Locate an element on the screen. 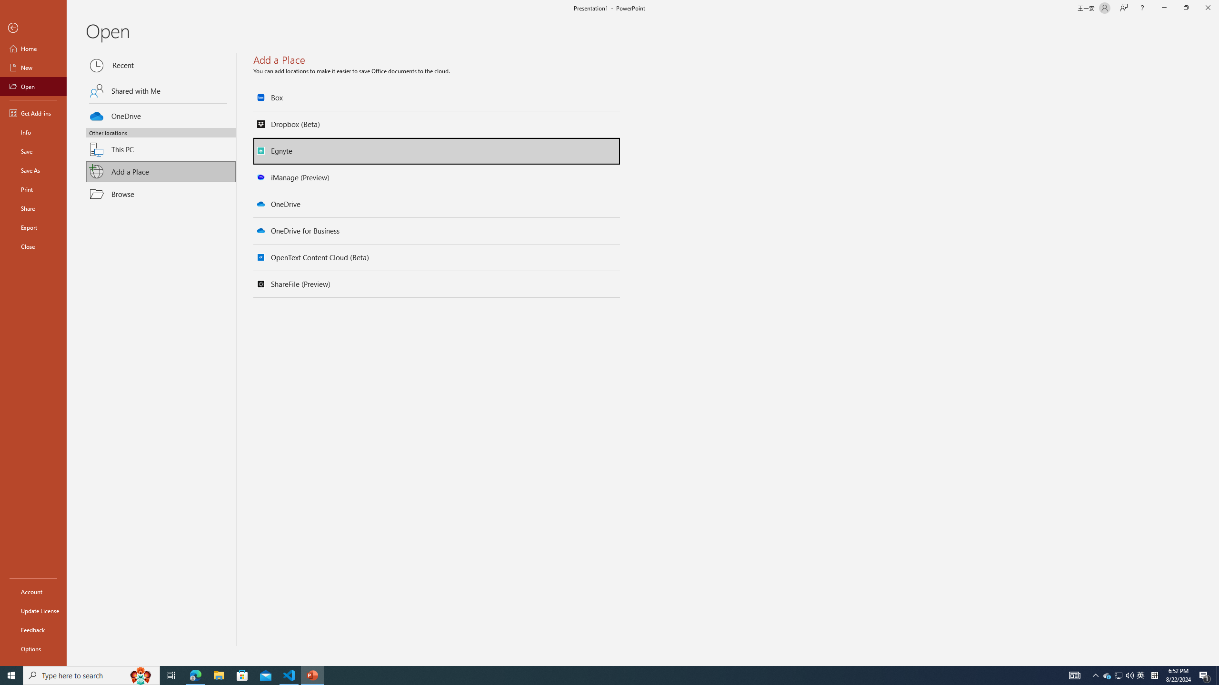 The image size is (1219, 685). 'Add a Place' is located at coordinates (161, 171).